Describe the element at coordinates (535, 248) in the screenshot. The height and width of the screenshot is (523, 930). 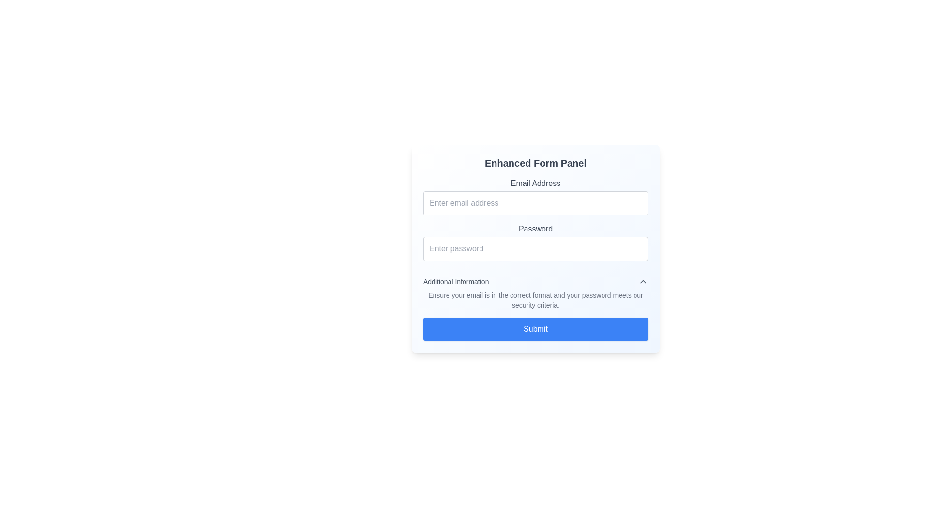
I see `the password input field, which is a horizontally elongated rectangular field with rounded corners and a light gray border, to focus it` at that location.